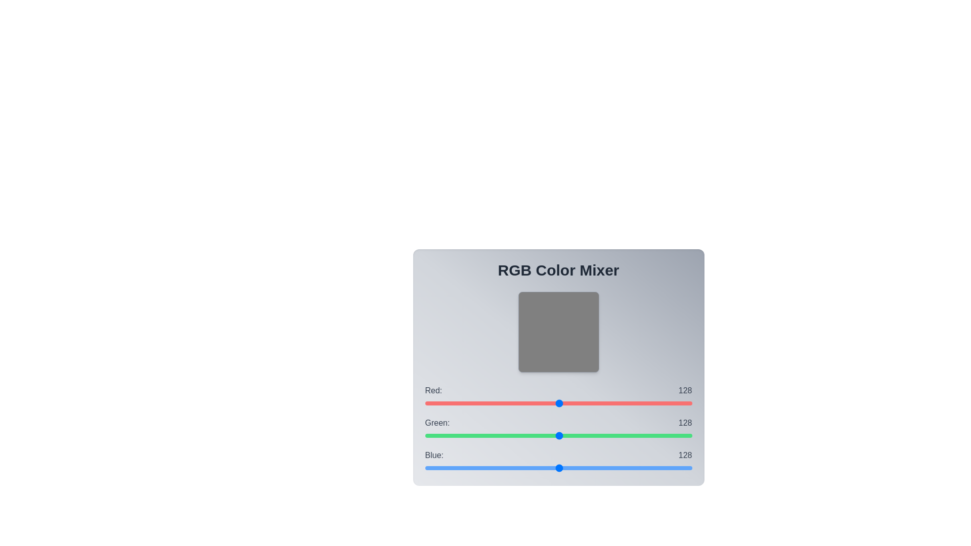 The image size is (971, 546). I want to click on the green slider to set its value to 128, so click(558, 435).